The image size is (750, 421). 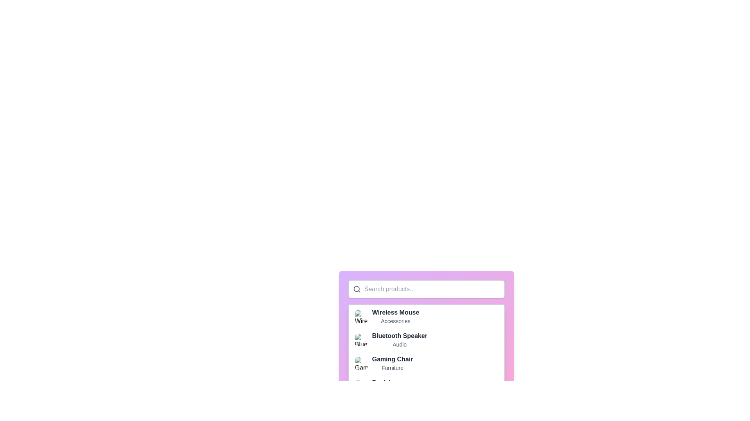 I want to click on the static text label 'Accessories' which is styled in small, gray text and located beneath the bold title 'Wireless Mouse', so click(x=395, y=321).